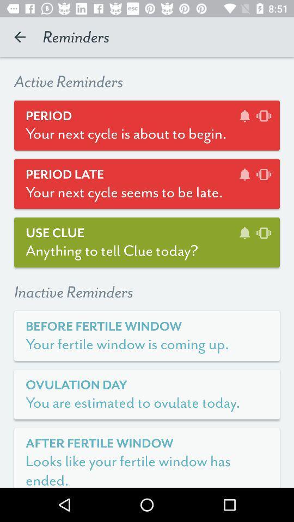 The height and width of the screenshot is (522, 294). Describe the element at coordinates (20, 37) in the screenshot. I see `app next to reminders app` at that location.